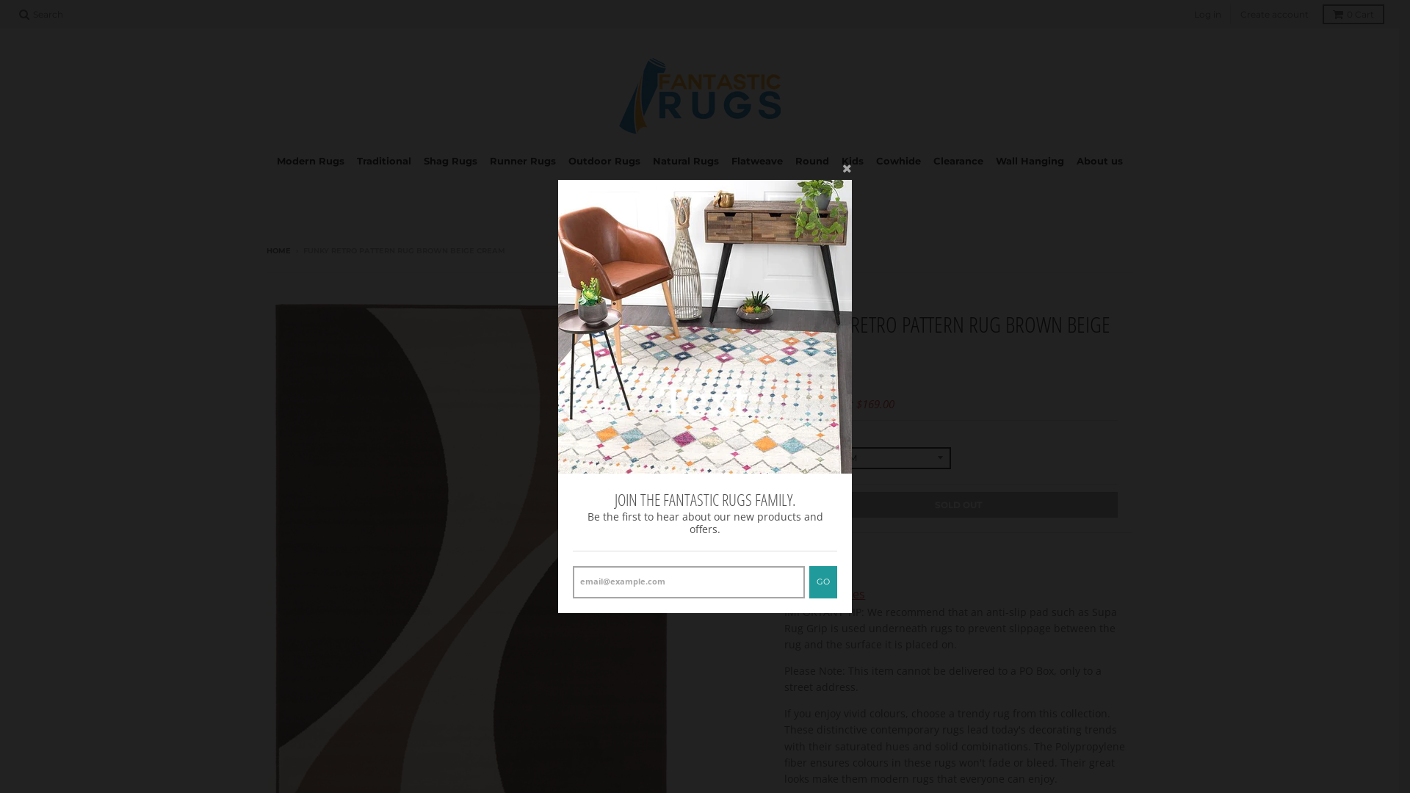 The width and height of the screenshot is (1410, 793). What do you see at coordinates (603, 161) in the screenshot?
I see `'Outdoor Rugs'` at bounding box center [603, 161].